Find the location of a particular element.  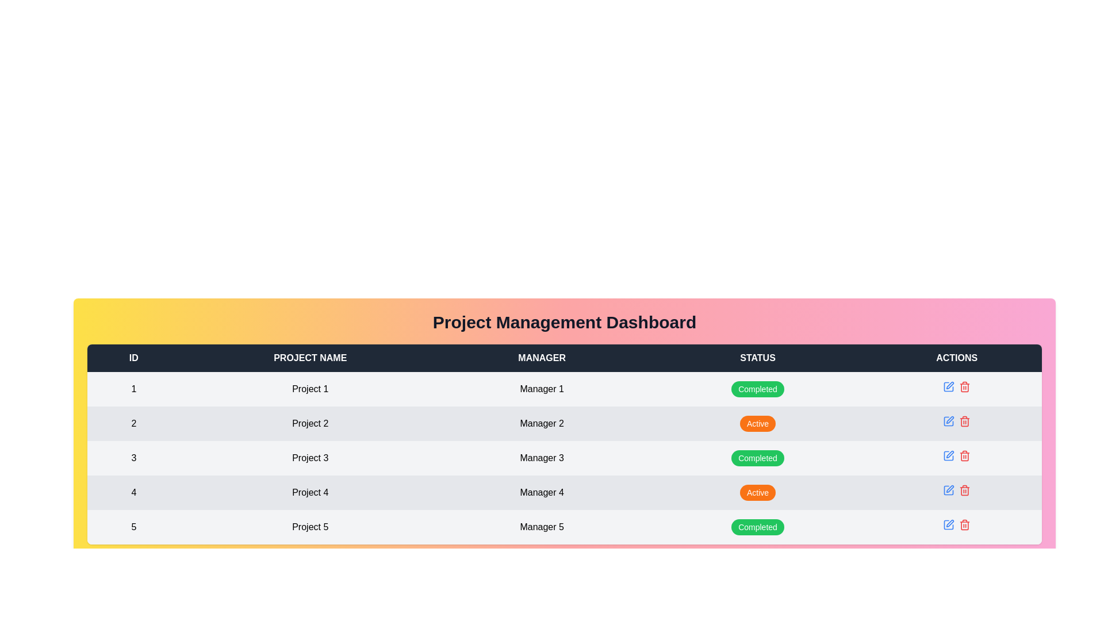

the edit icon located in the 'Actions' column of the fourth row in the table, which allows users to edit the associated row or item is located at coordinates (950, 454).